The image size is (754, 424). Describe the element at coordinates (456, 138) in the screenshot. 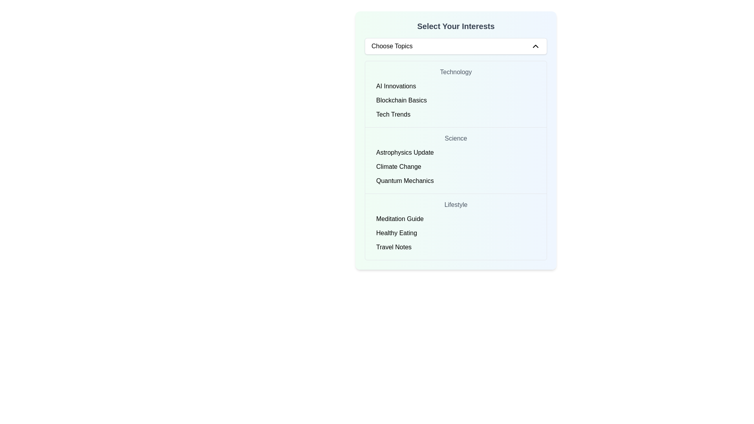

I see `the 'Science' label or heading, which is centrally located between the 'Technology' heading and the list entries for 'Astrophysics Update', 'Climate Change', and 'Quantum Mechanics'` at that location.